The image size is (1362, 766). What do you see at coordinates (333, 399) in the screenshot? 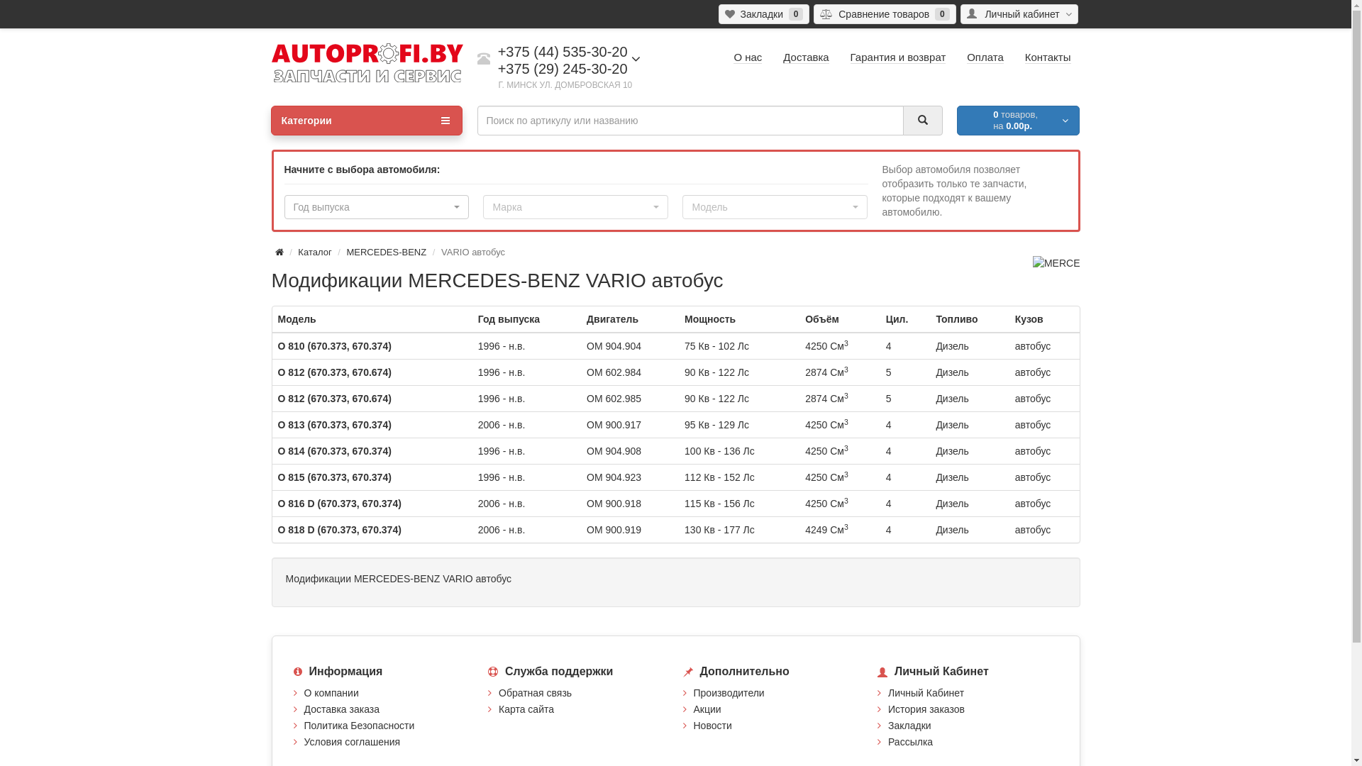
I see `'O 812 (670.373, 670.674)'` at bounding box center [333, 399].